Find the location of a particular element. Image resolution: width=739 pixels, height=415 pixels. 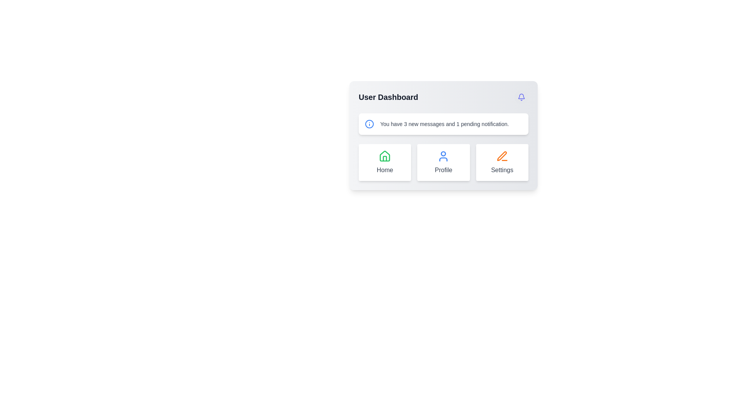

keyboard navigation is located at coordinates (502, 162).